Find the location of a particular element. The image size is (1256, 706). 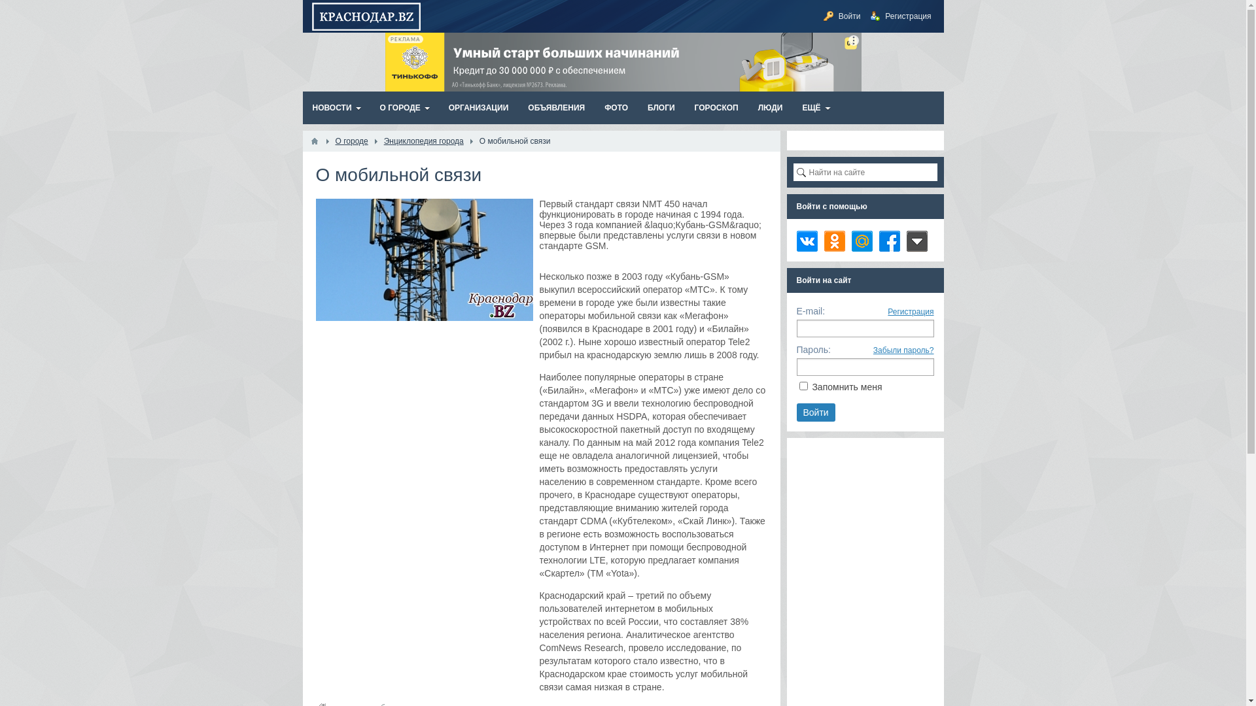

'Odnoklassniki' is located at coordinates (834, 241).